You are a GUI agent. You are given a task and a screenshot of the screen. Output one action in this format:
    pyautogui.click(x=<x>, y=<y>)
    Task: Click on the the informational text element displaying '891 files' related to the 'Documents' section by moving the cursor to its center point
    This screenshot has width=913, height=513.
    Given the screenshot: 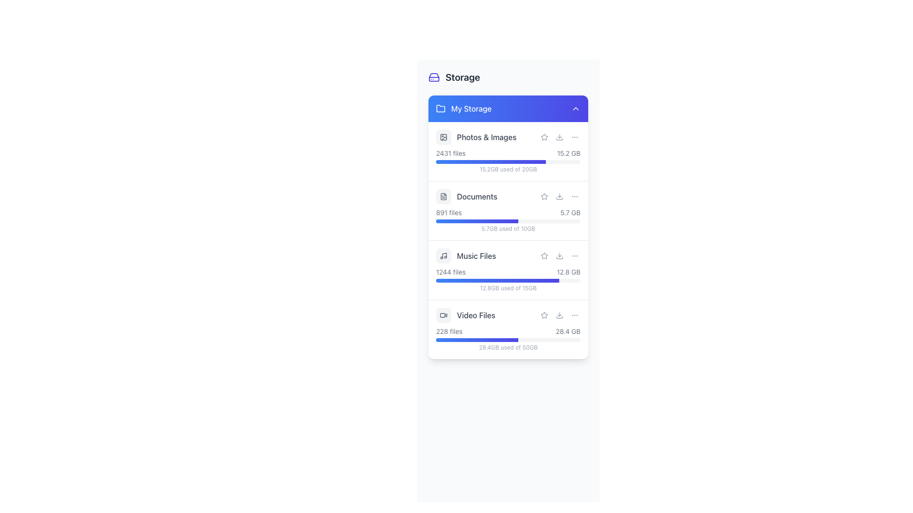 What is the action you would take?
    pyautogui.click(x=448, y=212)
    